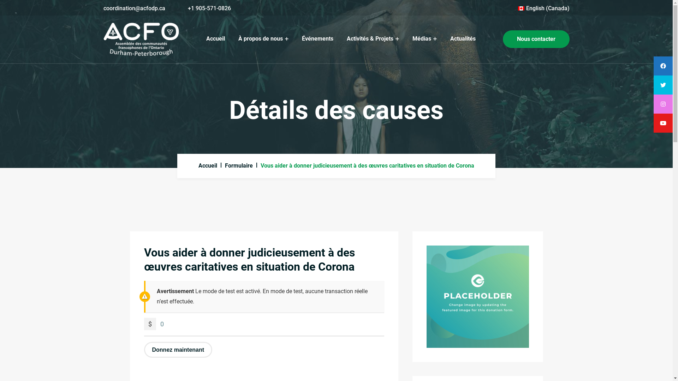 The image size is (678, 381). Describe the element at coordinates (536, 39) in the screenshot. I see `'Nous contacter'` at that location.